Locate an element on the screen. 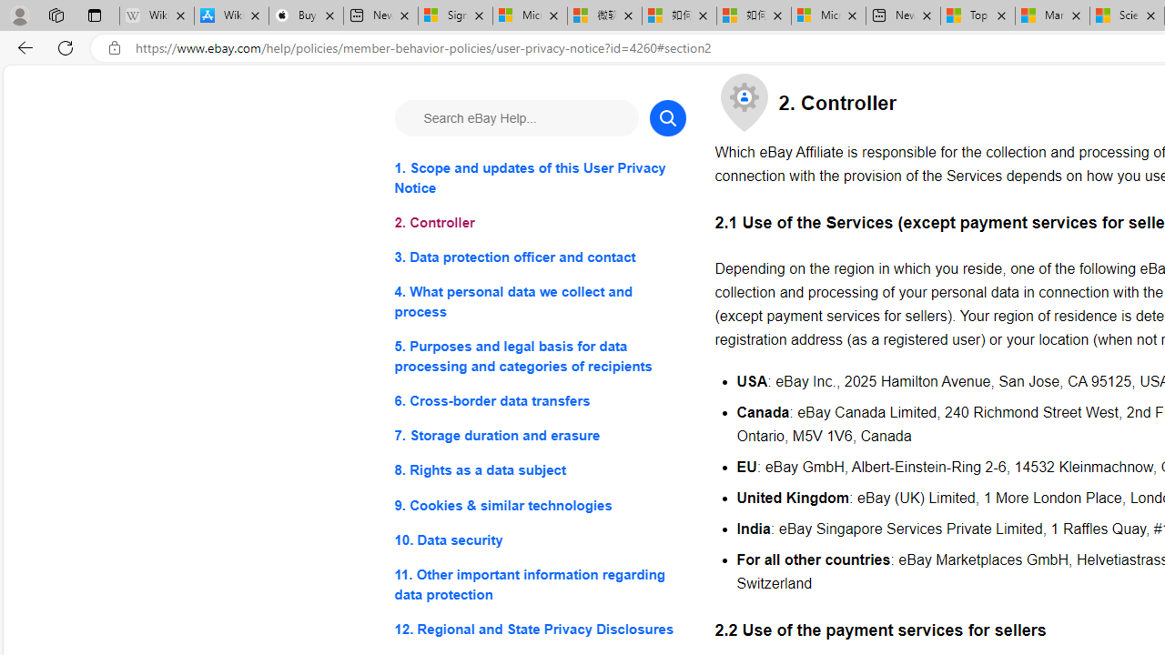  'Workspaces' is located at coordinates (56, 15).